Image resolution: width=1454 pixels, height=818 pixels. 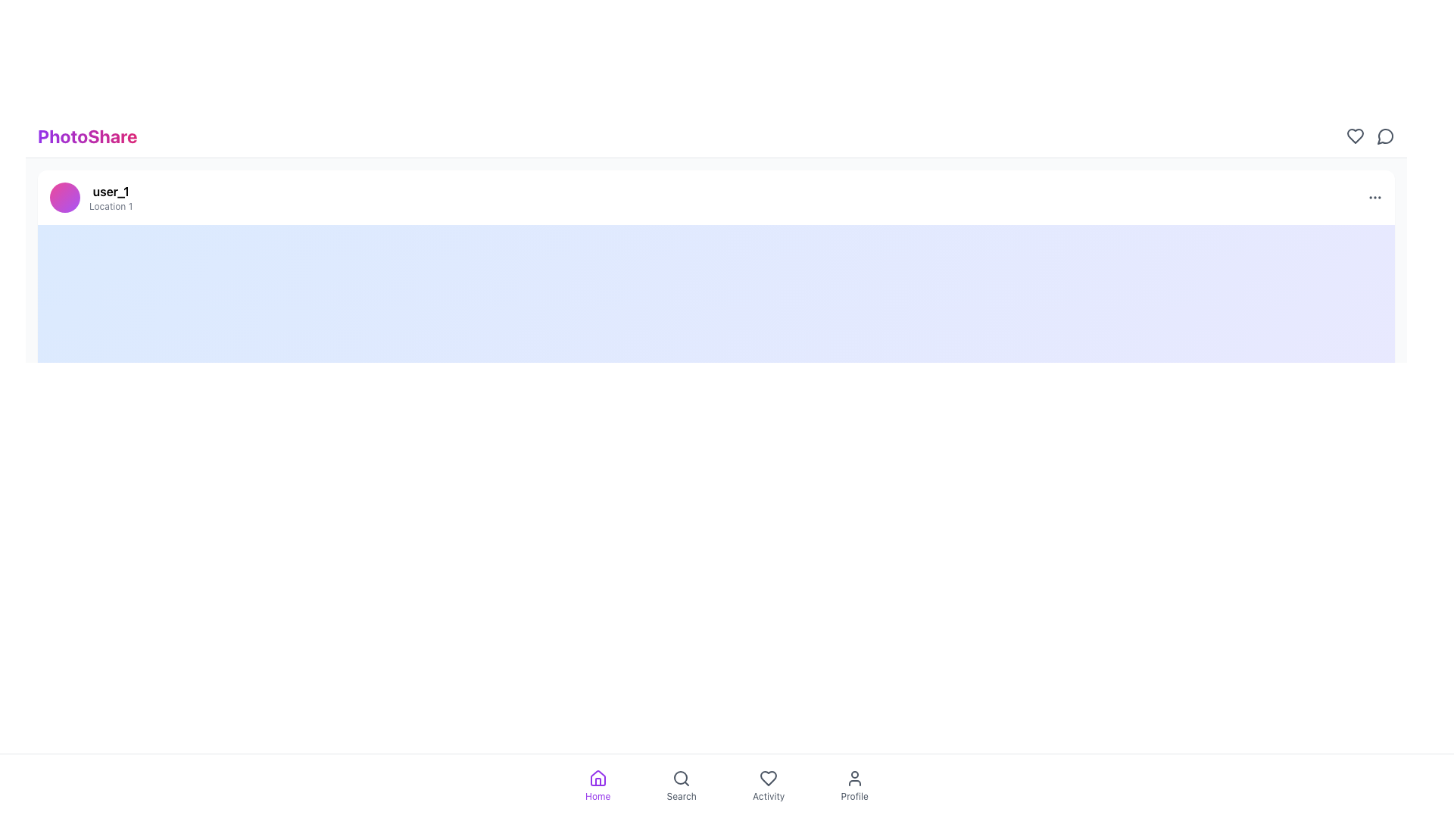 What do you see at coordinates (680, 777) in the screenshot?
I see `the circular part of the magnifying glass icon in the bottom navigation bar, which represents the search functionality` at bounding box center [680, 777].